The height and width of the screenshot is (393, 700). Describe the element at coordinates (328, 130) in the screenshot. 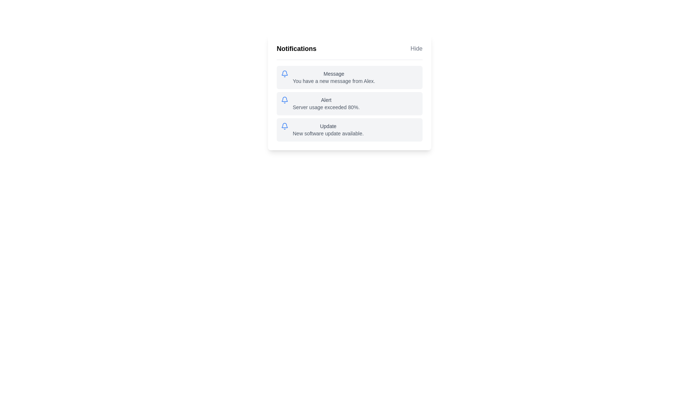

I see `text in the Text Block that provides information about a software update notification, located inside the third notification card below the 'Alert' notification` at that location.